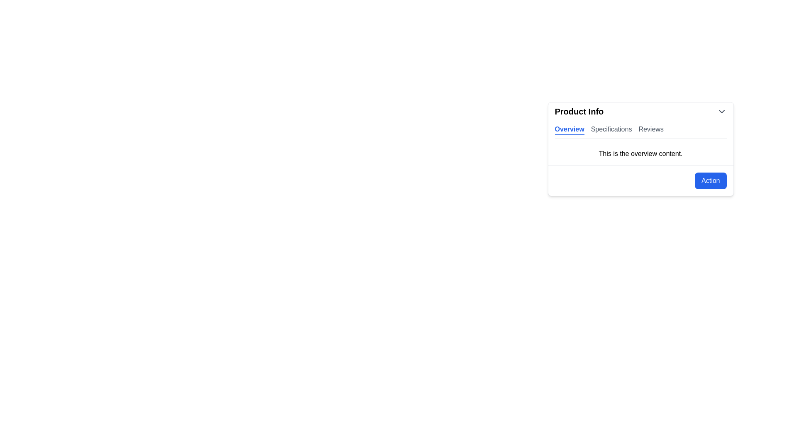  What do you see at coordinates (569, 129) in the screenshot?
I see `the 'Overview' tab label` at bounding box center [569, 129].